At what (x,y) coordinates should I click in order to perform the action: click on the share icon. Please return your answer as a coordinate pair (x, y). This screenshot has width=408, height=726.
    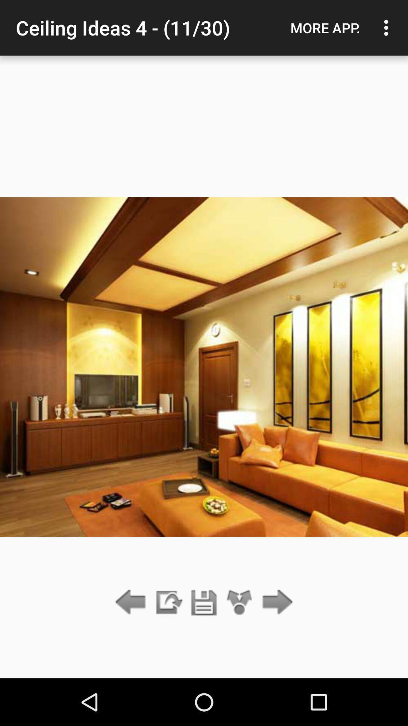
    Looking at the image, I should click on (240, 602).